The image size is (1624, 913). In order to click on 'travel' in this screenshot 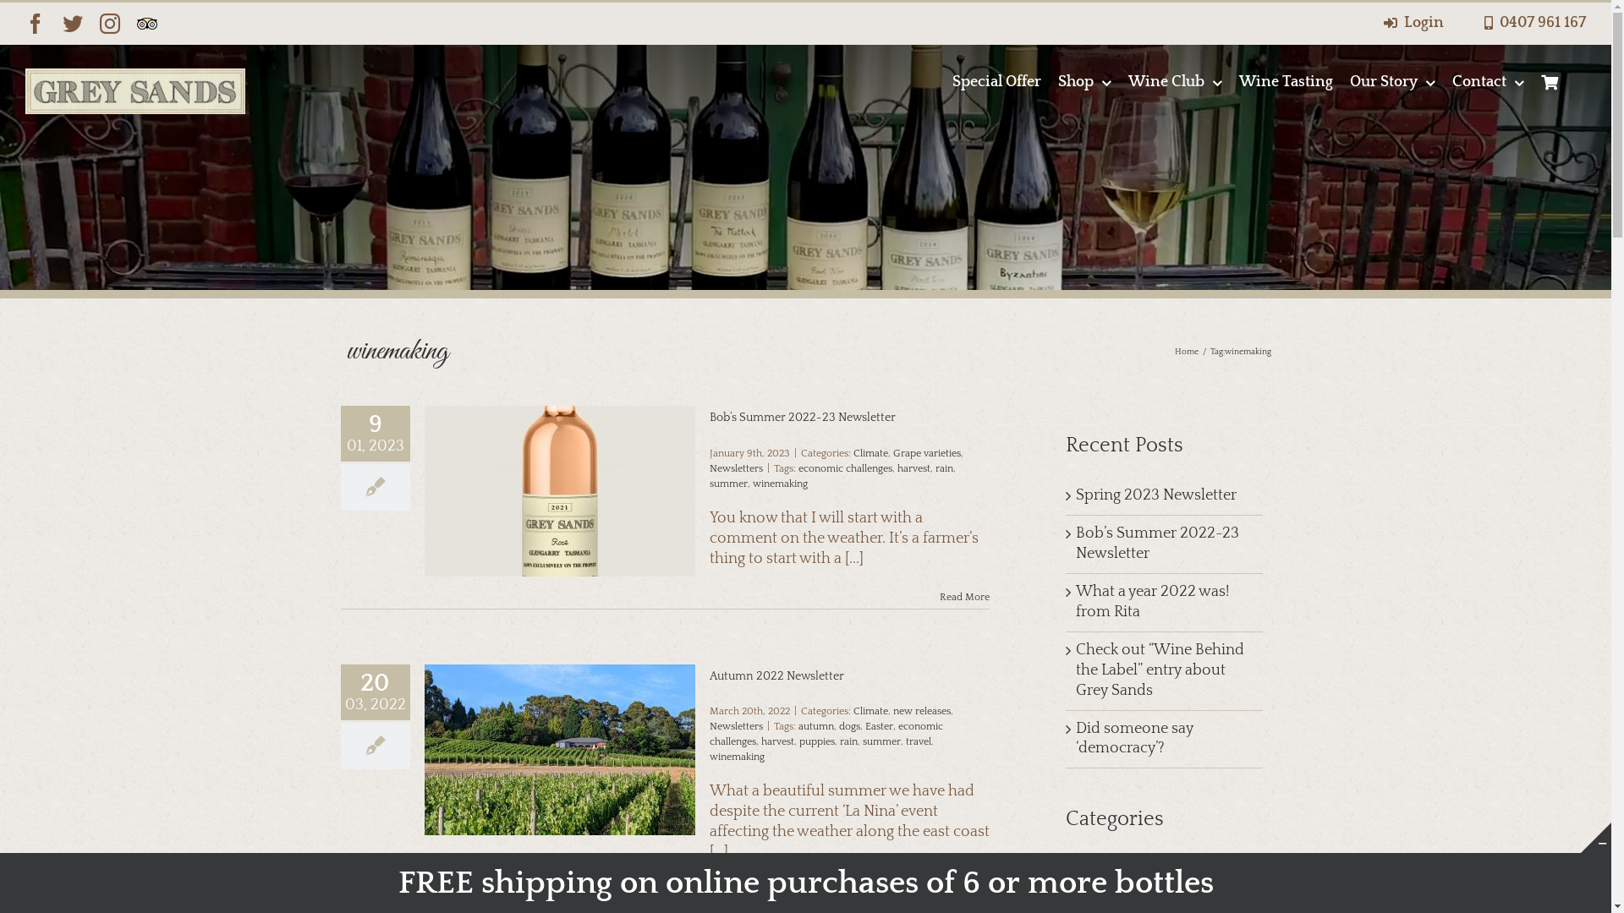, I will do `click(916, 741)`.